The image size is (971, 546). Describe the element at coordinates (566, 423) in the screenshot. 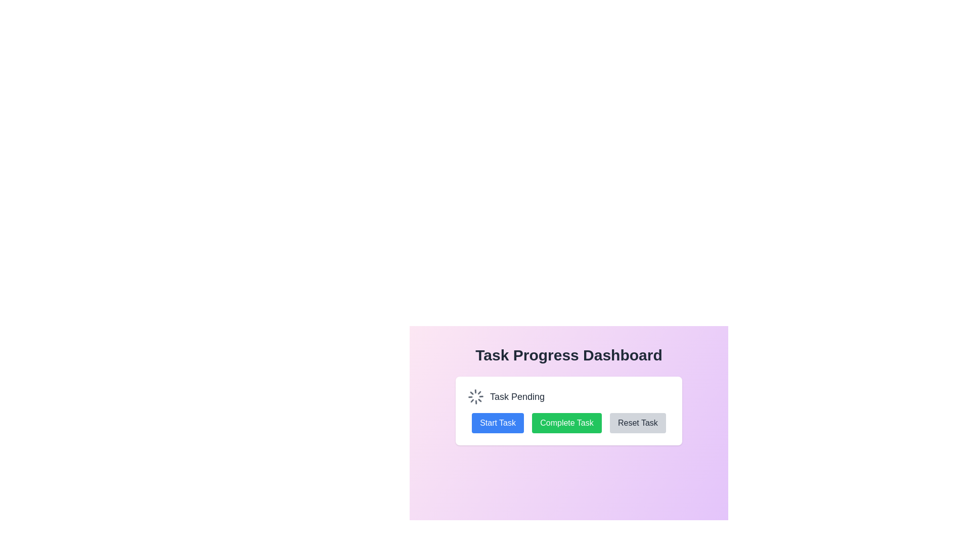

I see `the green button labeled 'Complete Task'` at that location.